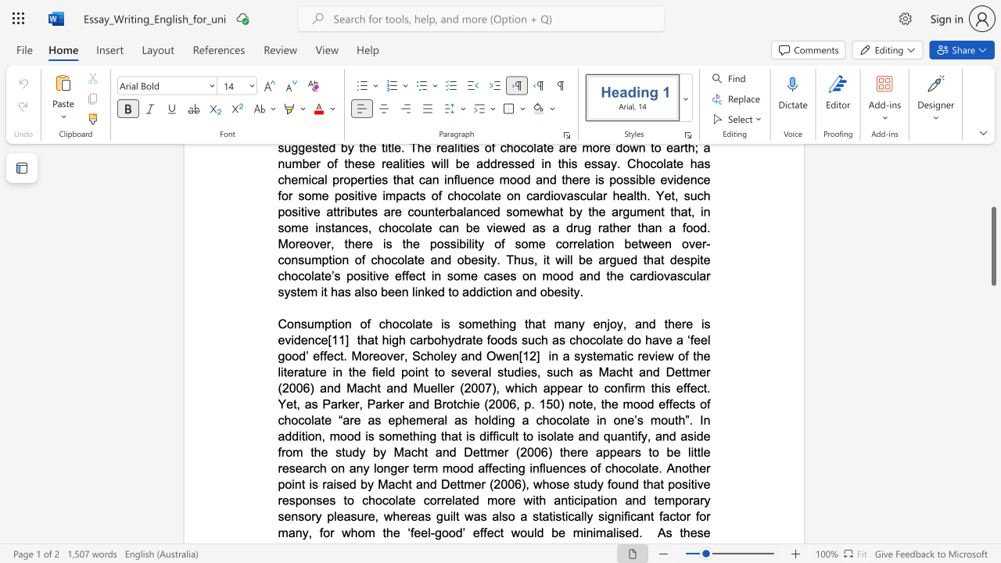 This screenshot has height=563, width=1001. I want to click on the scrollbar and move up 270 pixels, so click(992, 246).